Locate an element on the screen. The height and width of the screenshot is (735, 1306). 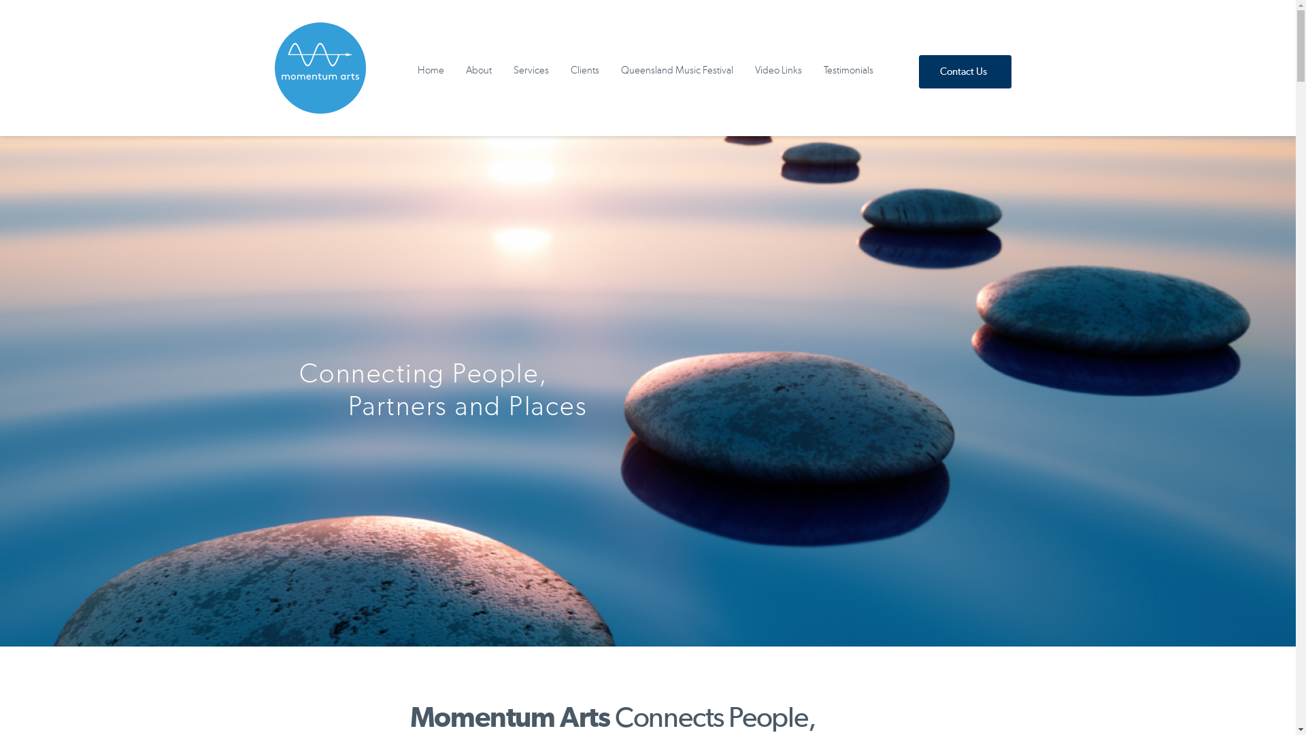
'Queensland Music Festival' is located at coordinates (677, 71).